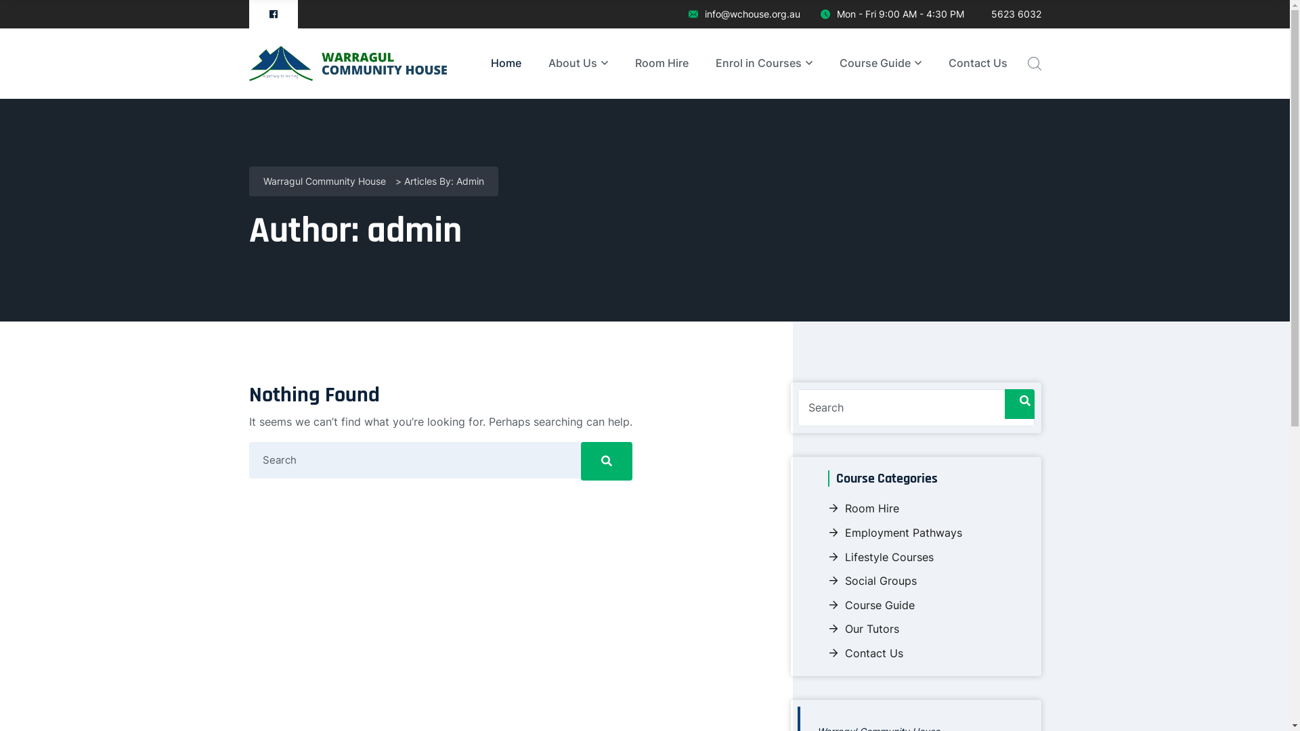 The height and width of the screenshot is (731, 1300). I want to click on 'About Us', so click(578, 63).